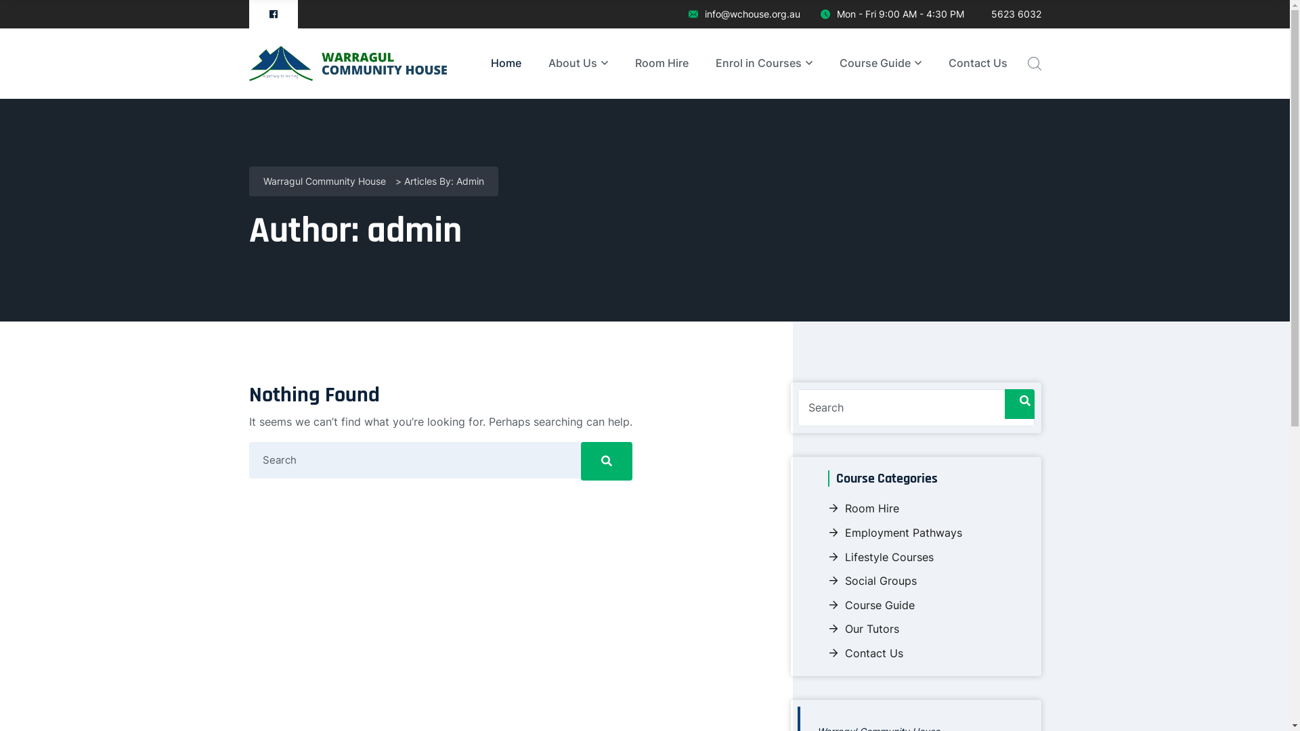 The height and width of the screenshot is (731, 1300). I want to click on 'About Us', so click(578, 63).